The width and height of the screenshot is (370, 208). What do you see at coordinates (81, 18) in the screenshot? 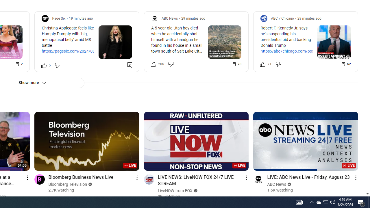
I see `'19 minutes ago'` at bounding box center [81, 18].